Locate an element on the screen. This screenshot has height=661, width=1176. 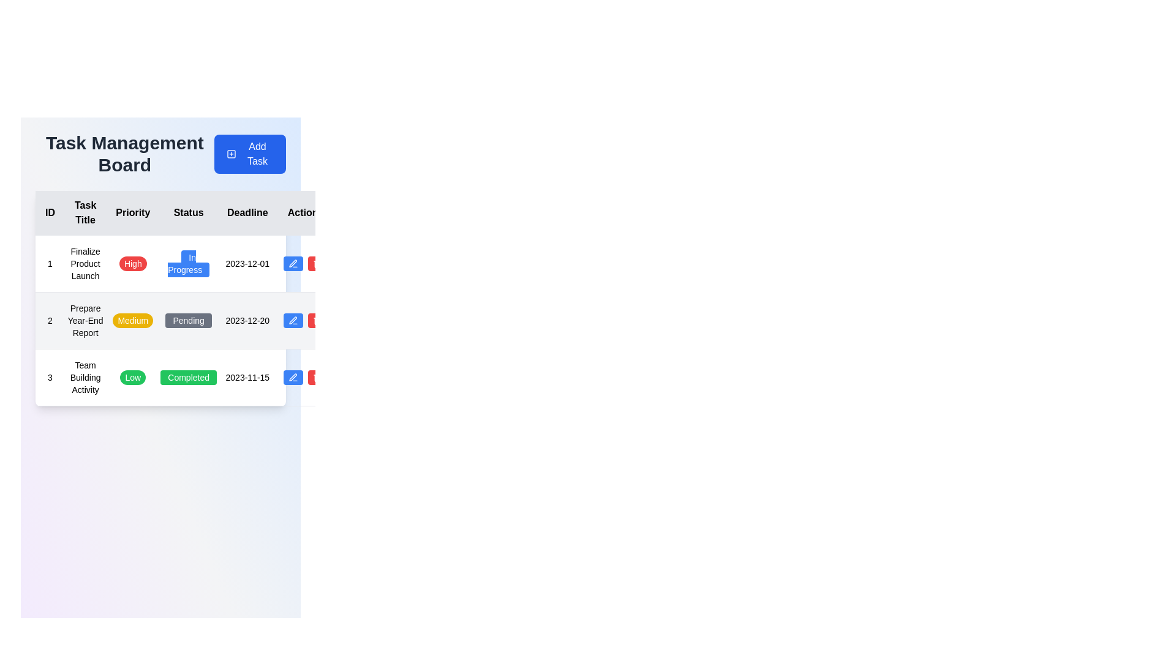
the status information represented by the label in the 'Status' column of the task table for 'Finalize Product Launch', located between the 'Priority' and 'Deadline' columns is located at coordinates (188, 263).